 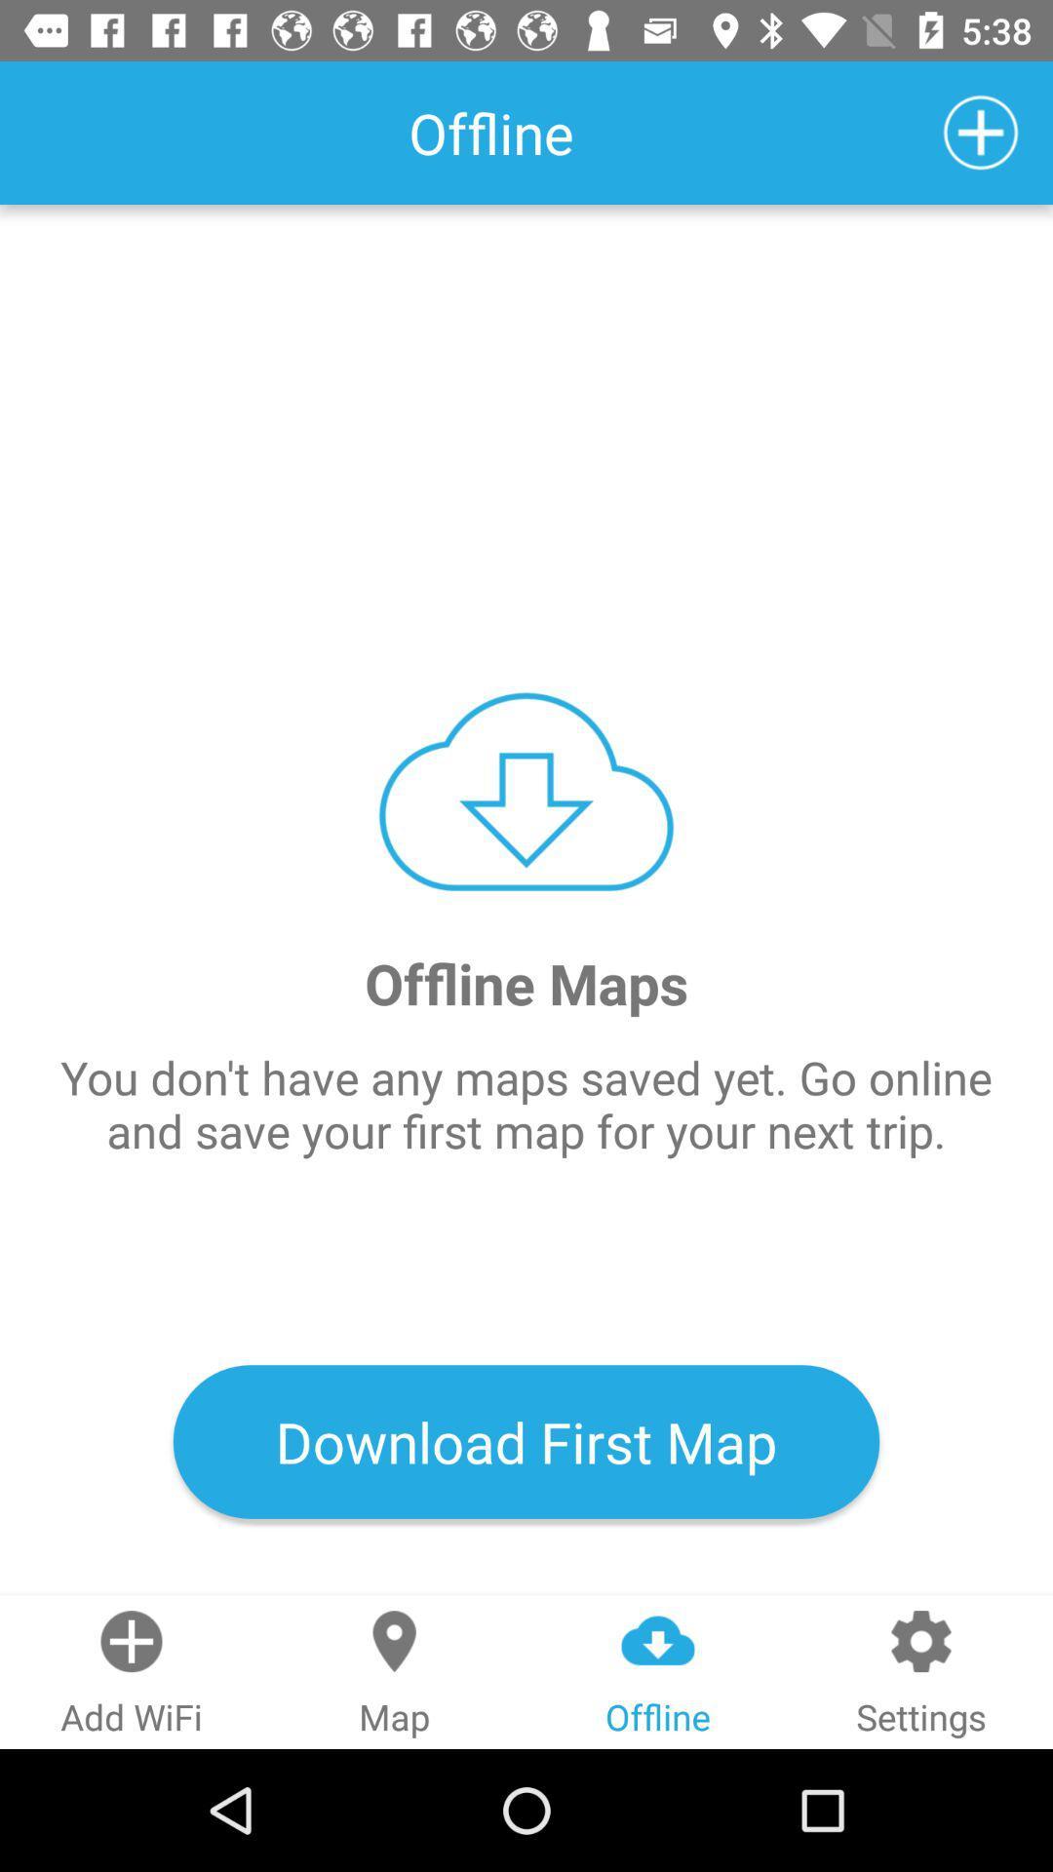 I want to click on the icon at the top right corner, so click(x=981, y=132).